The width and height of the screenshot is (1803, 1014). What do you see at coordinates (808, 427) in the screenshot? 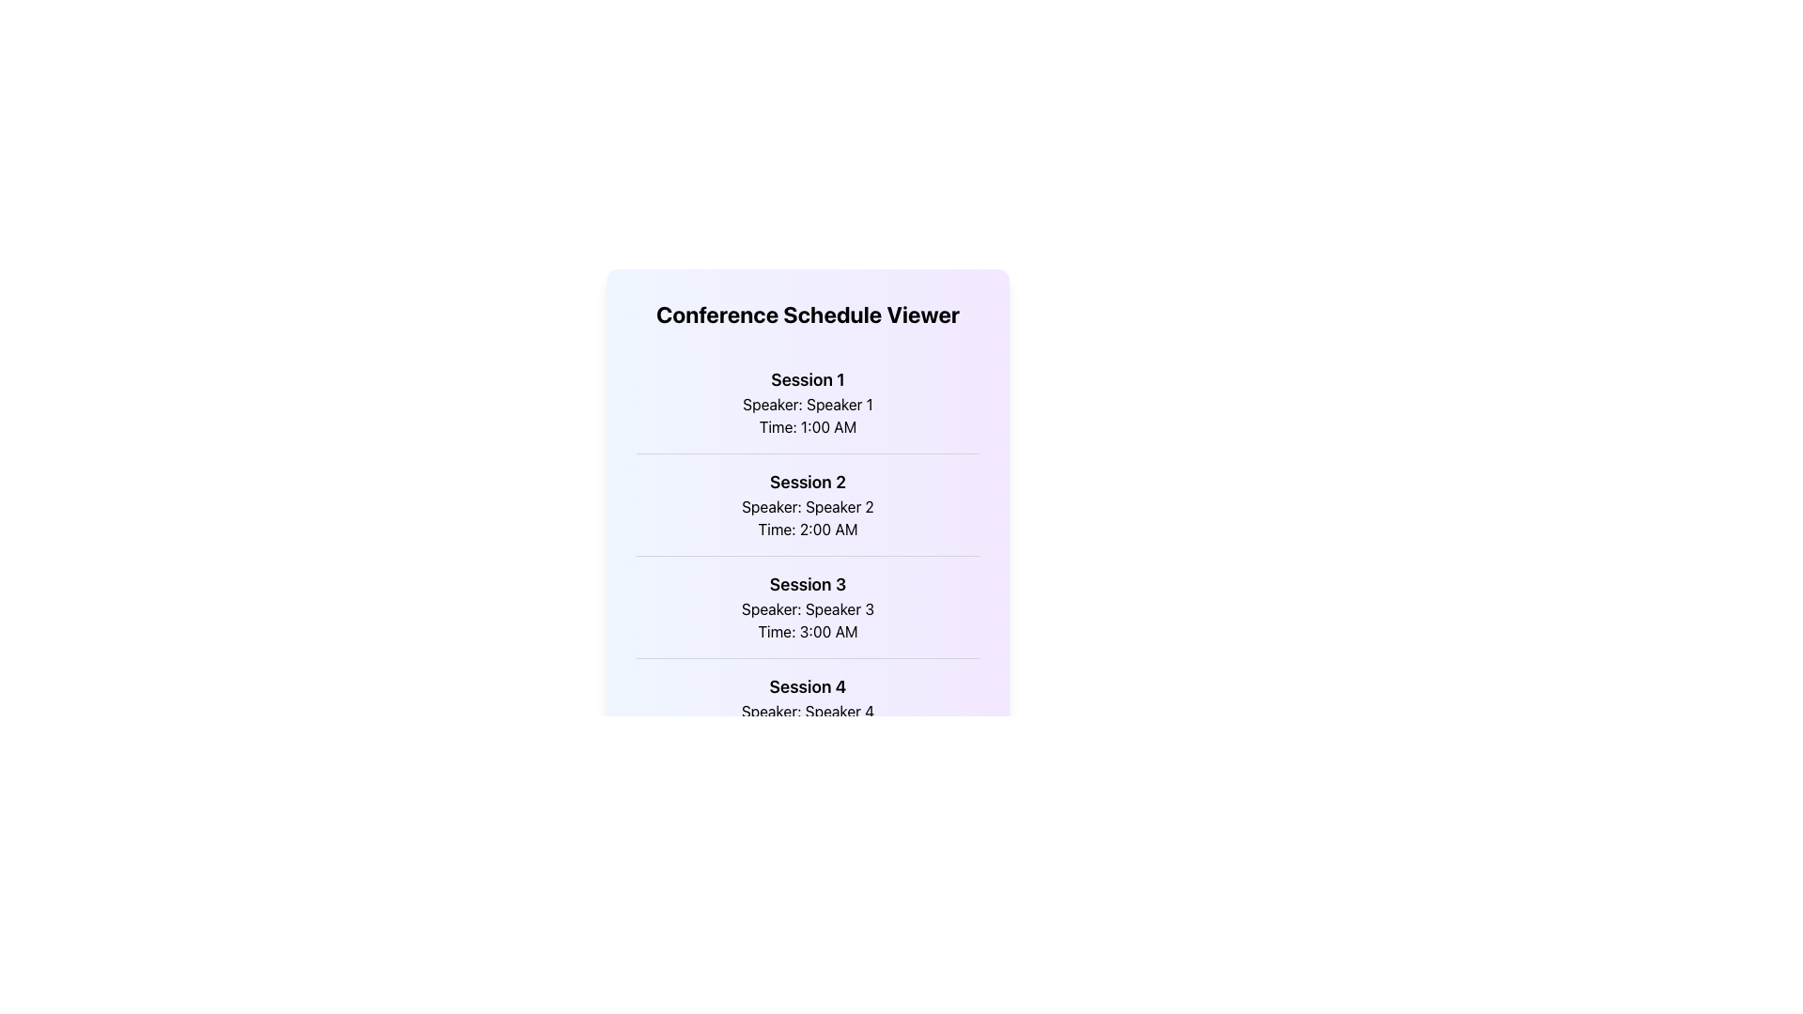
I see `text label displaying the scheduled time for the first session located below 'Speaker: Speaker 1' in the 'Session 1' details` at bounding box center [808, 427].